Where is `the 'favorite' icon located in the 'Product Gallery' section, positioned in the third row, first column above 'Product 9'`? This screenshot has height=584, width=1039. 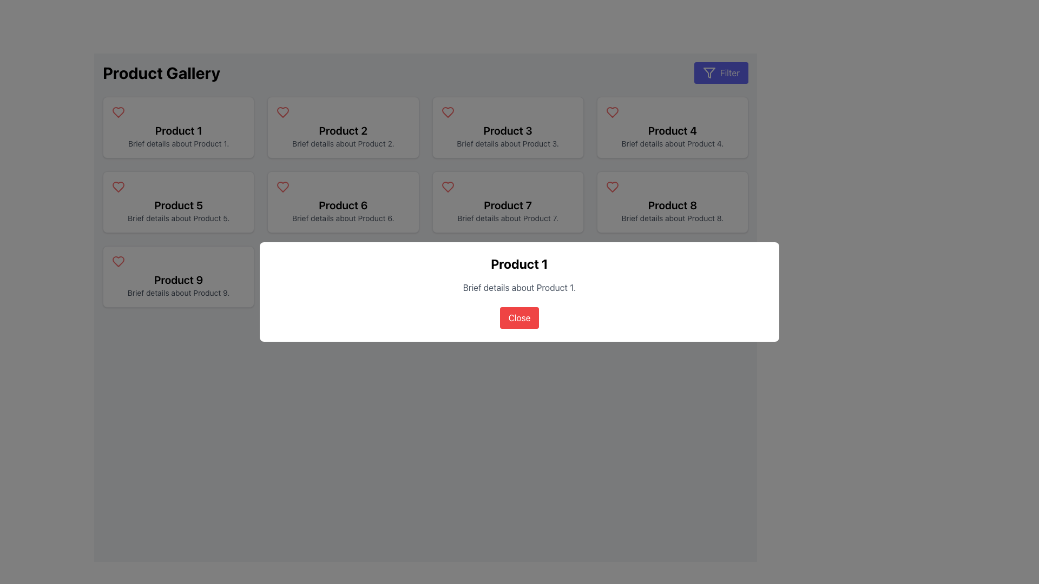
the 'favorite' icon located in the 'Product Gallery' section, positioned in the third row, first column above 'Product 9' is located at coordinates (119, 187).